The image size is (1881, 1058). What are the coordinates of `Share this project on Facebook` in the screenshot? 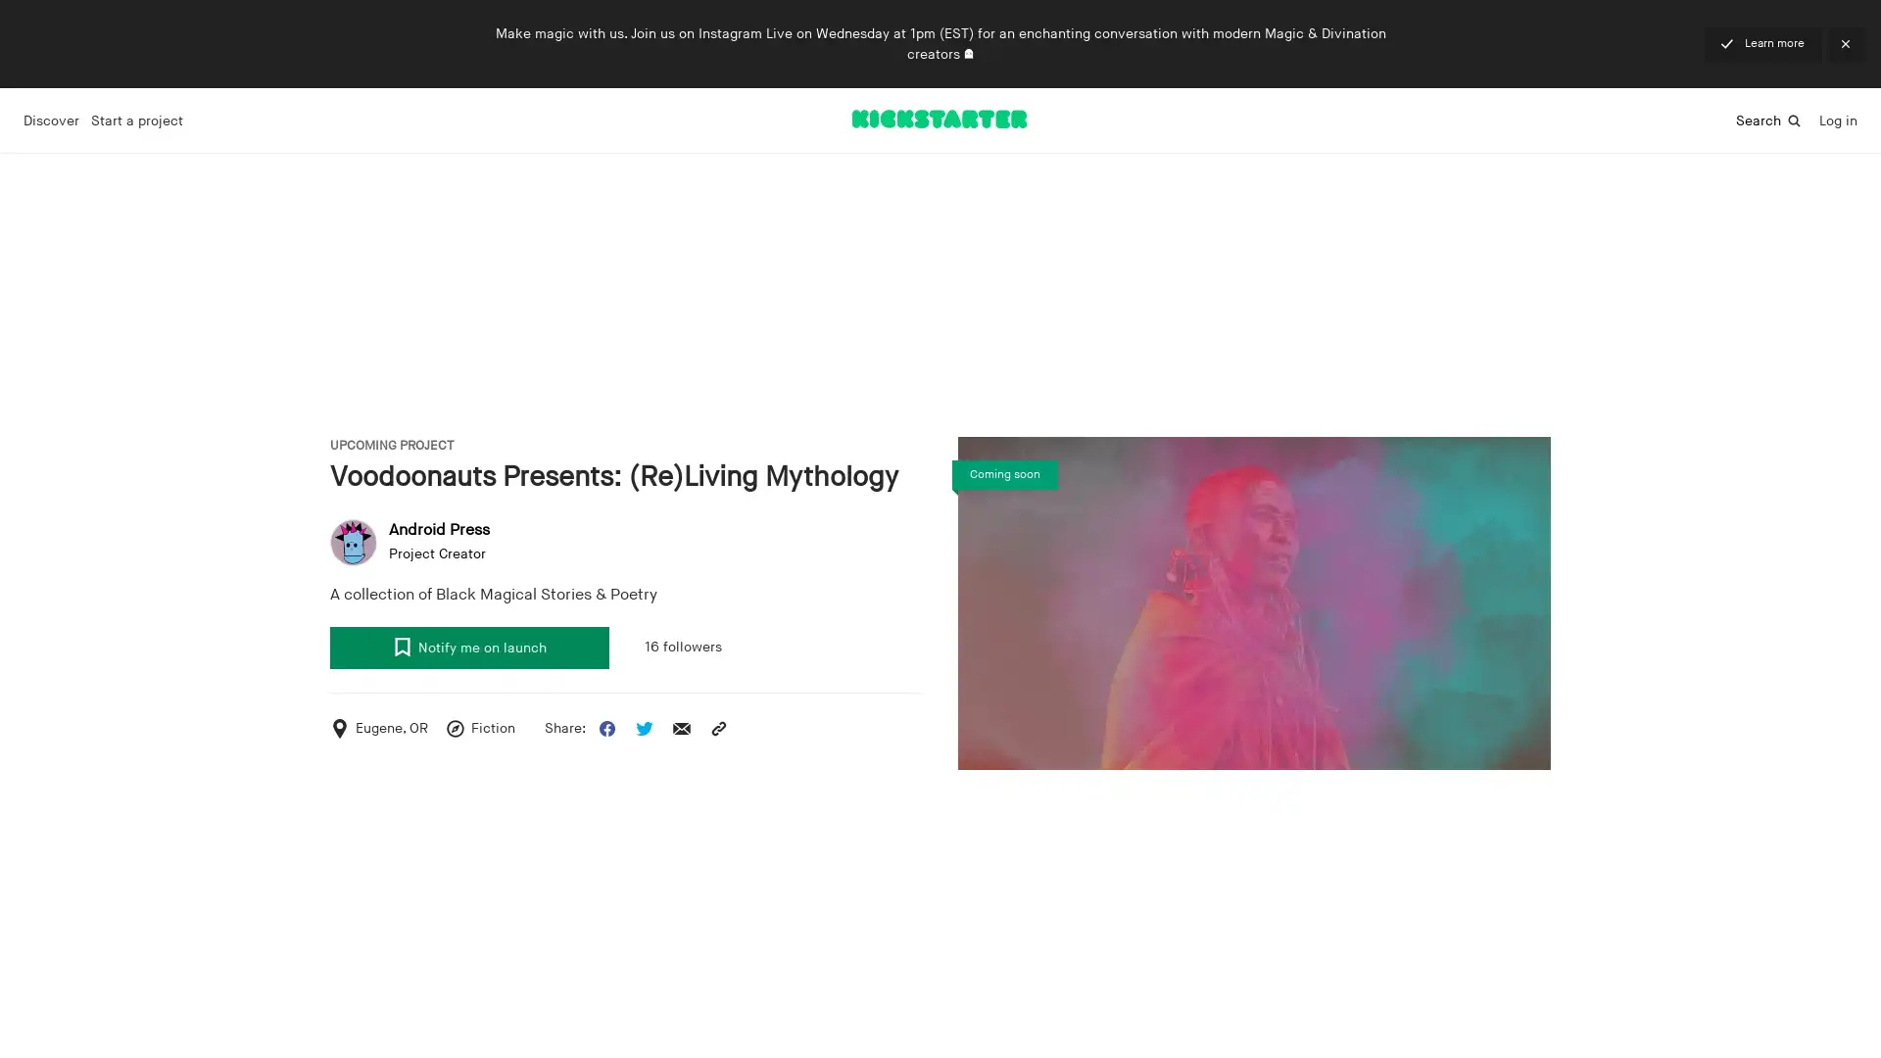 It's located at (605, 728).